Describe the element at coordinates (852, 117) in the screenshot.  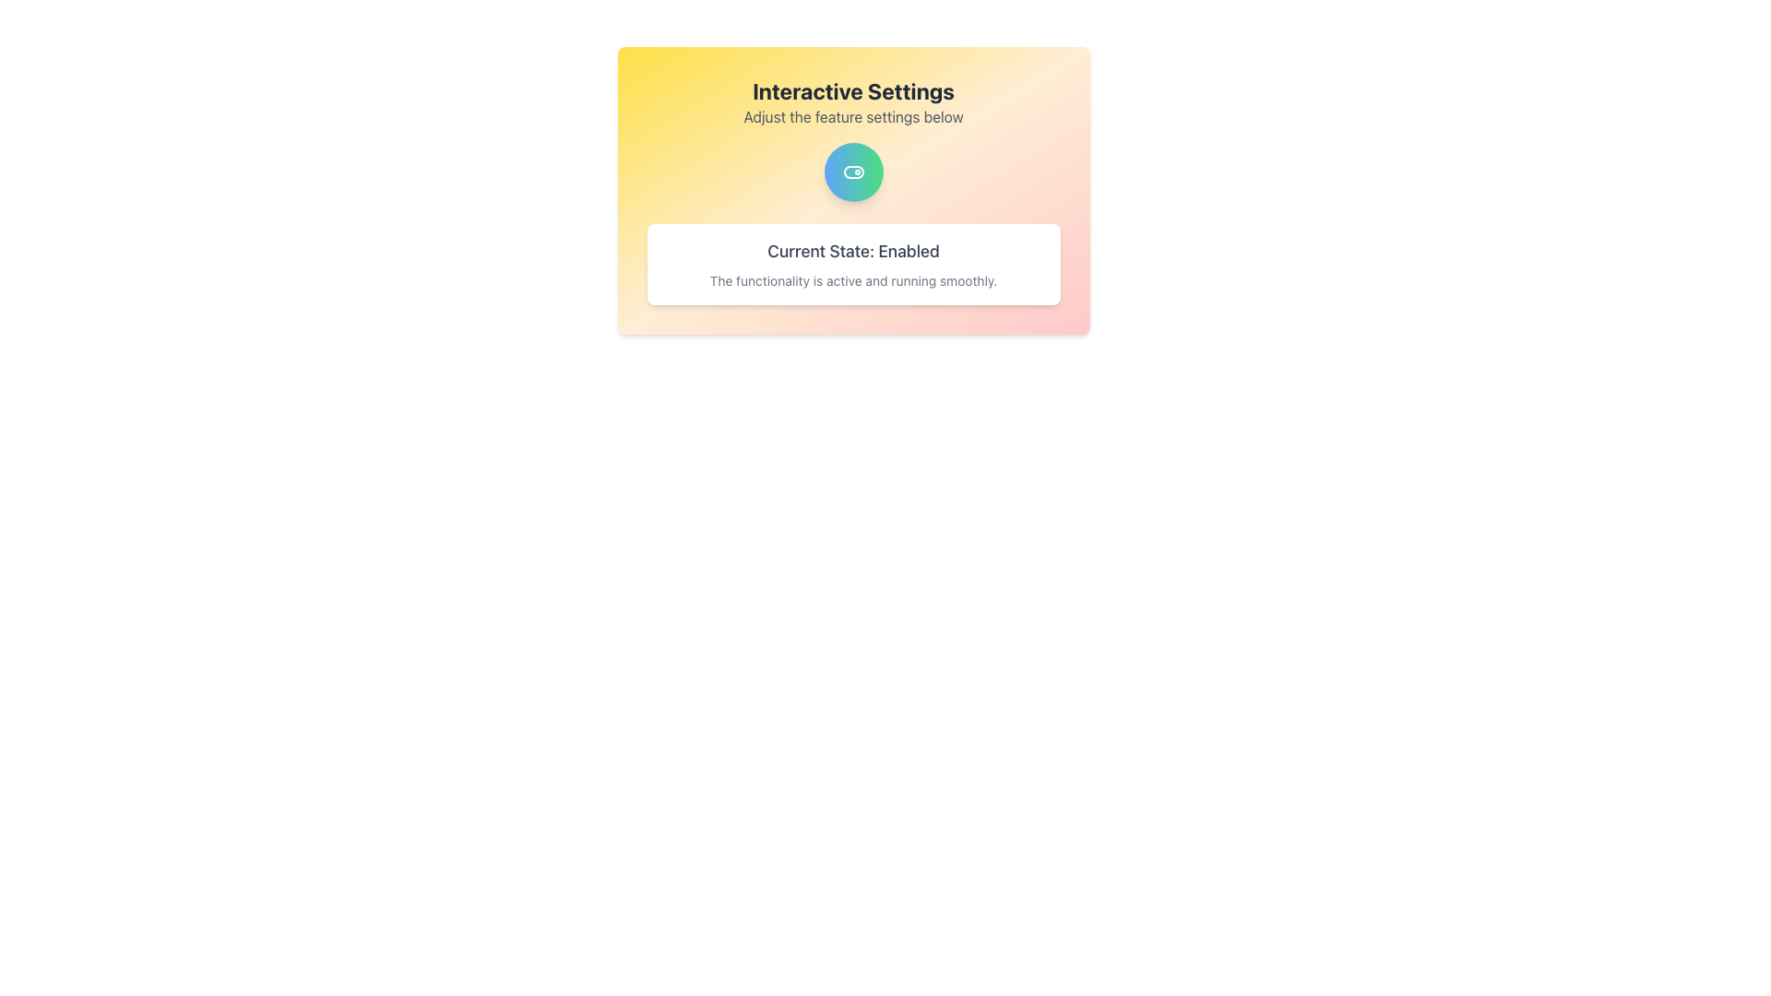
I see `the descriptive text label located below the title 'Interactive Settings' to guide users in adjusting feature settings` at that location.